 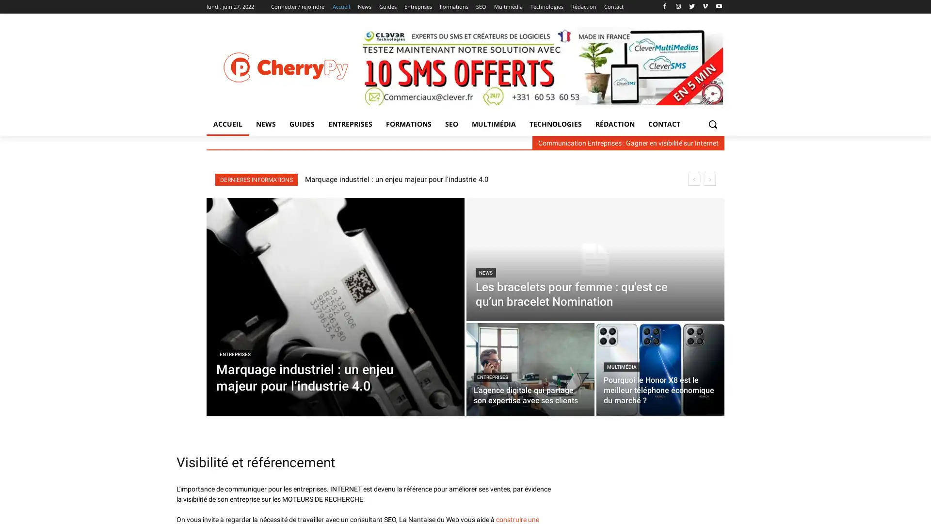 I want to click on Search, so click(x=712, y=123).